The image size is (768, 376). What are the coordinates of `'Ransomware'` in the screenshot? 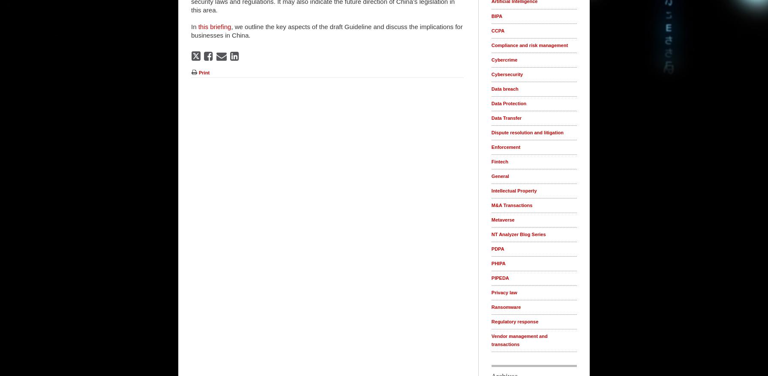 It's located at (506, 307).